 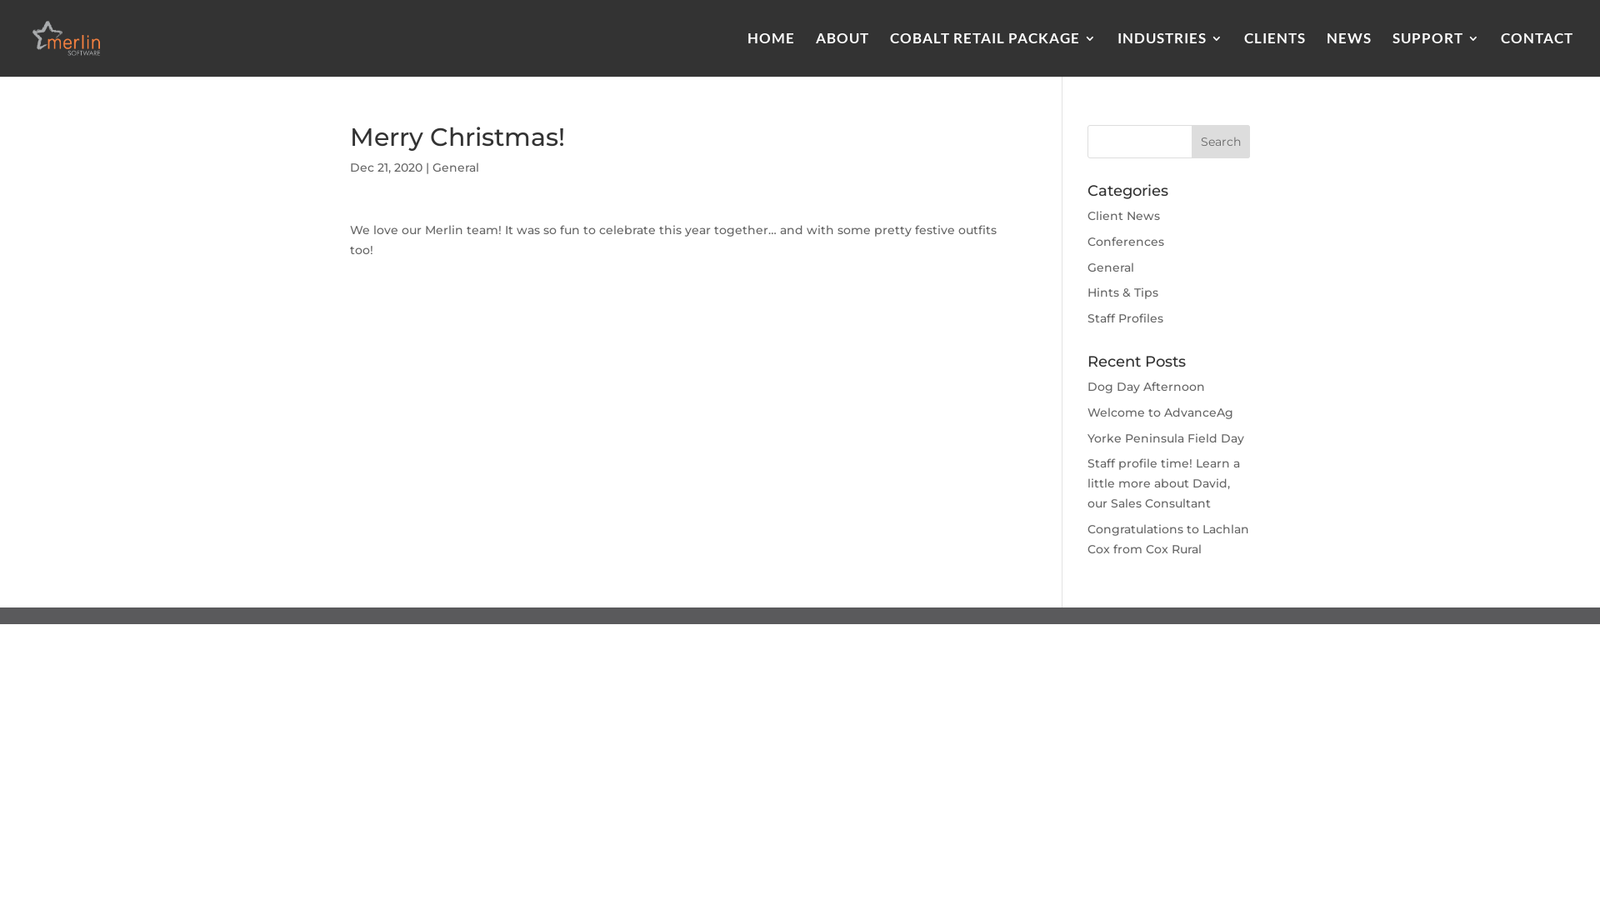 I want to click on 'COBALT RETAIL PACKAGE', so click(x=992, y=53).